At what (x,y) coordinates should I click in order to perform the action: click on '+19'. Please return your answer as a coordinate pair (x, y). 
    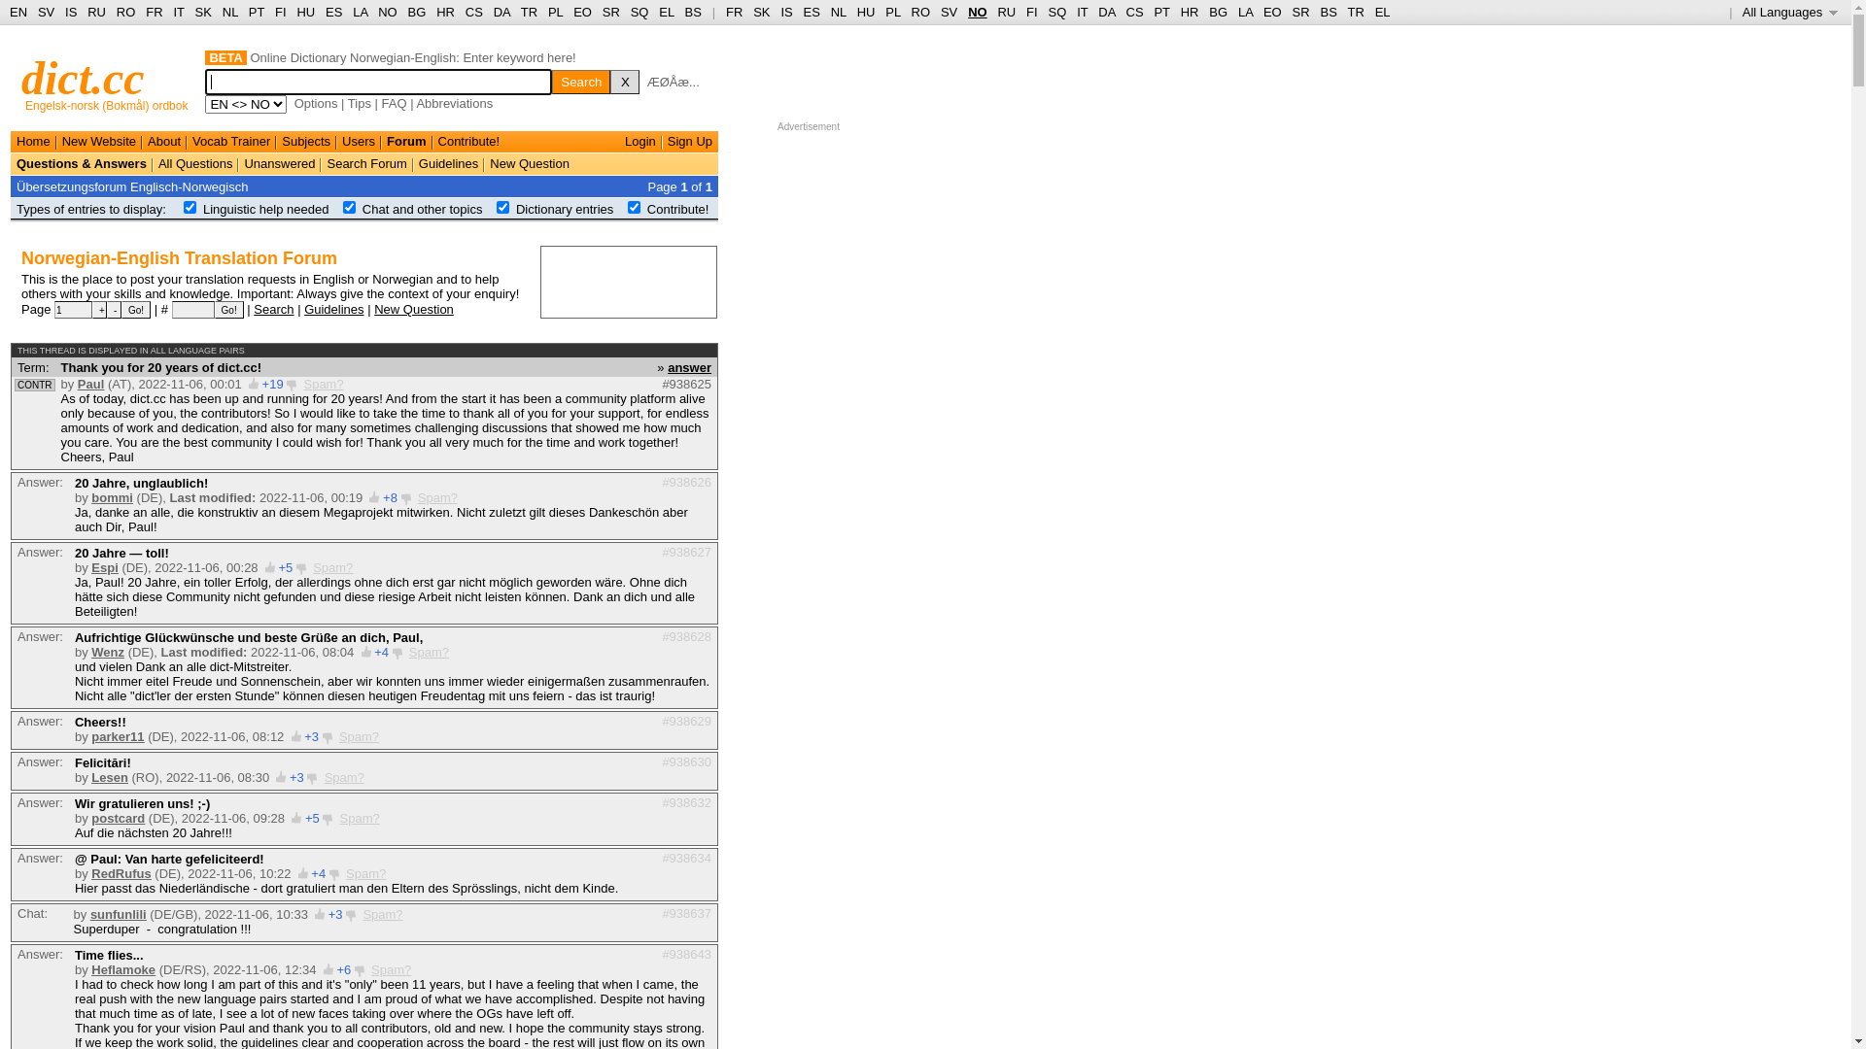
    Looking at the image, I should click on (272, 384).